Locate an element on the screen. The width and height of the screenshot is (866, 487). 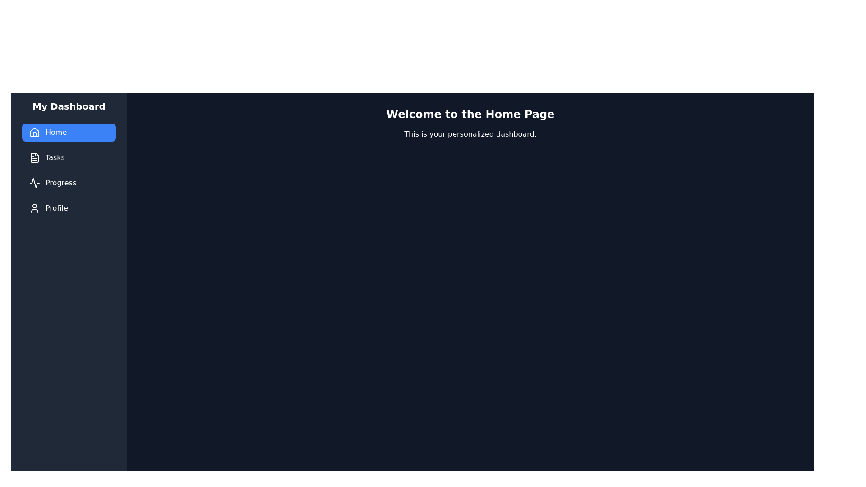
the prominent, bold header text displaying 'Welcome to the Home Page', which is centrally located at the top of the page is located at coordinates (470, 114).